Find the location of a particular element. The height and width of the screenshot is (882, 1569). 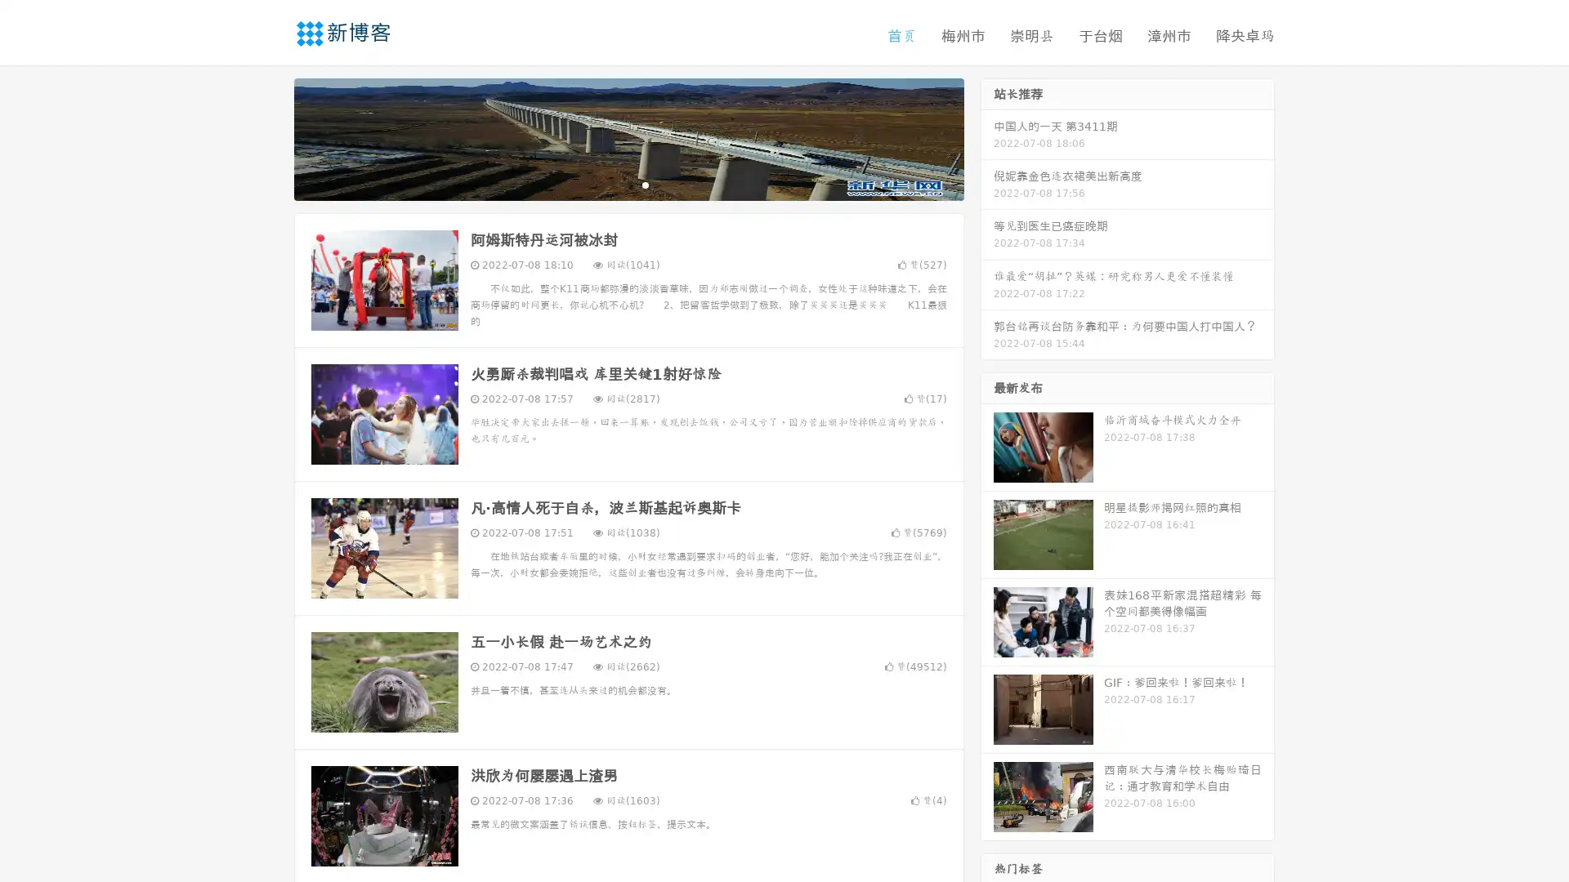

Go to slide 3 is located at coordinates (645, 184).